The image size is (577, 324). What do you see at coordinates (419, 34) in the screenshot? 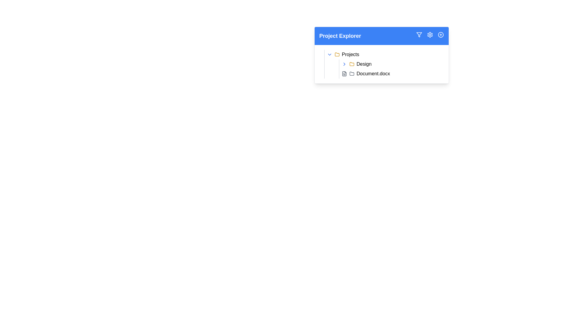
I see `the filter icon located at the top-right corner of the 'Project Explorer' panel` at bounding box center [419, 34].